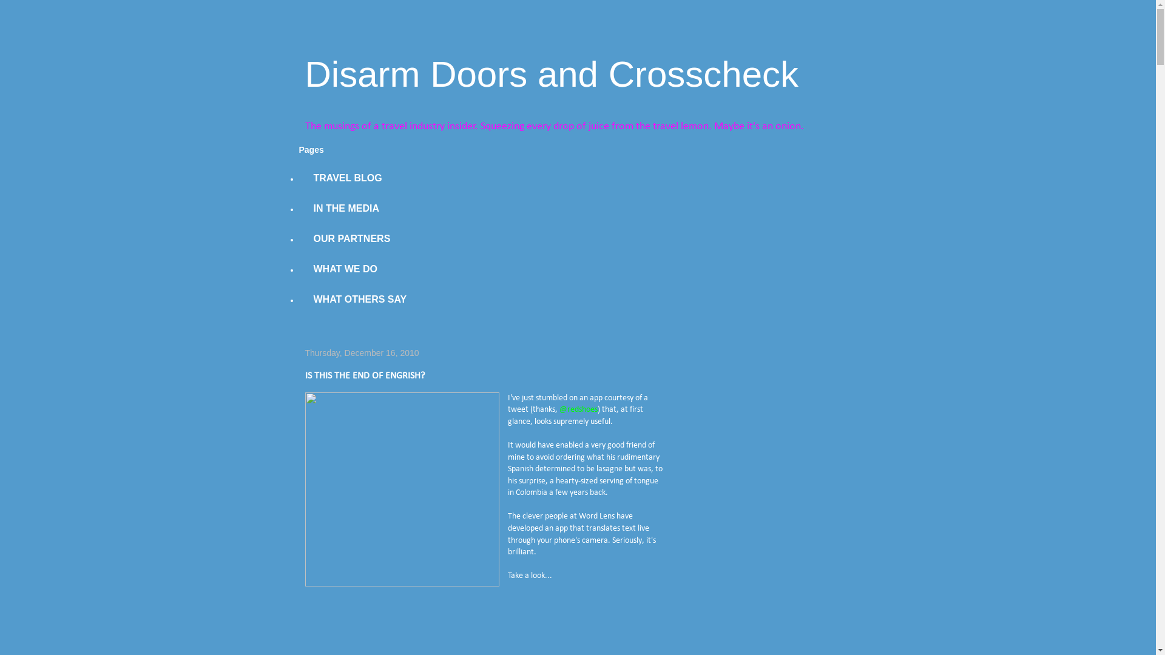 This screenshot has height=655, width=1165. What do you see at coordinates (345, 207) in the screenshot?
I see `'IN THE MEDIA'` at bounding box center [345, 207].